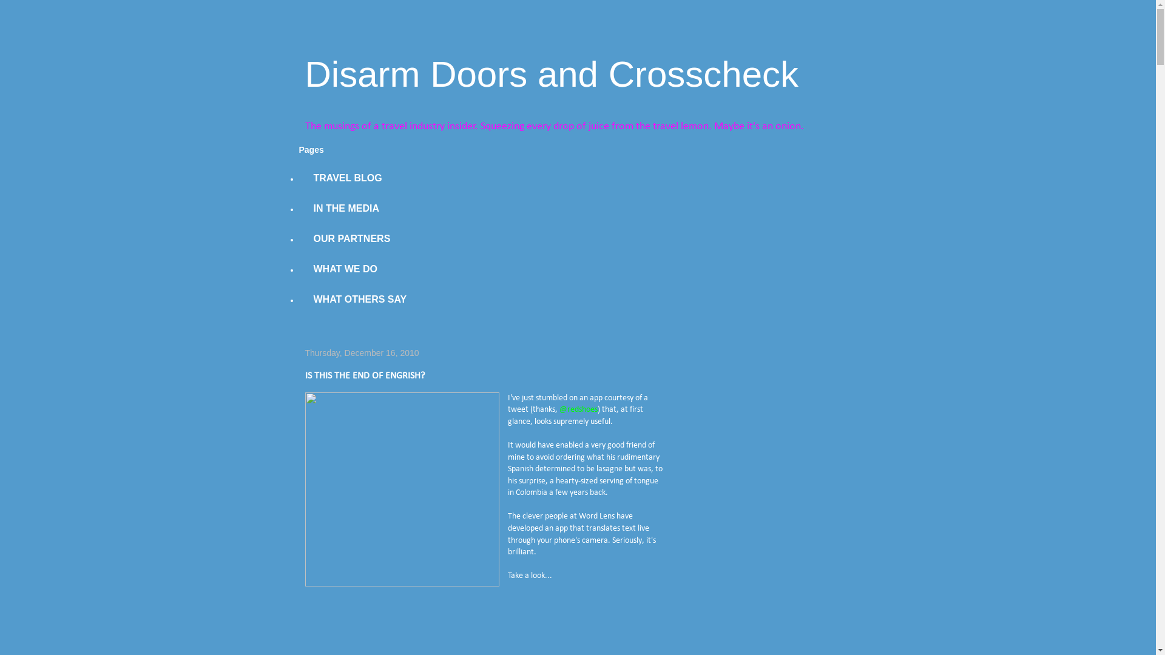 This screenshot has height=655, width=1165. What do you see at coordinates (345, 207) in the screenshot?
I see `'IN THE MEDIA'` at bounding box center [345, 207].